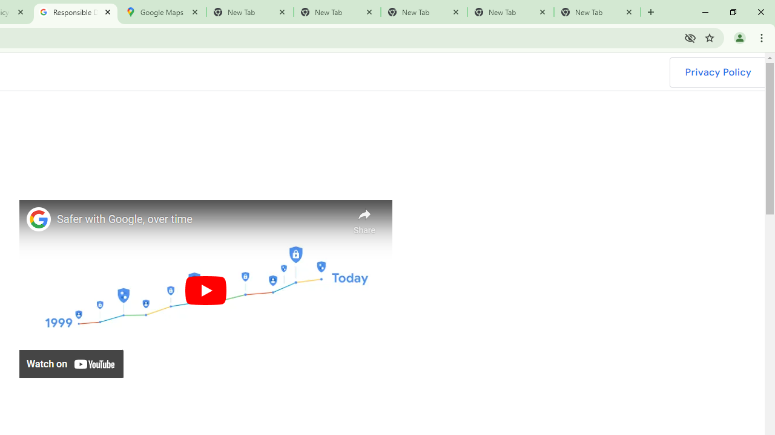  Describe the element at coordinates (364, 218) in the screenshot. I see `'Share'` at that location.